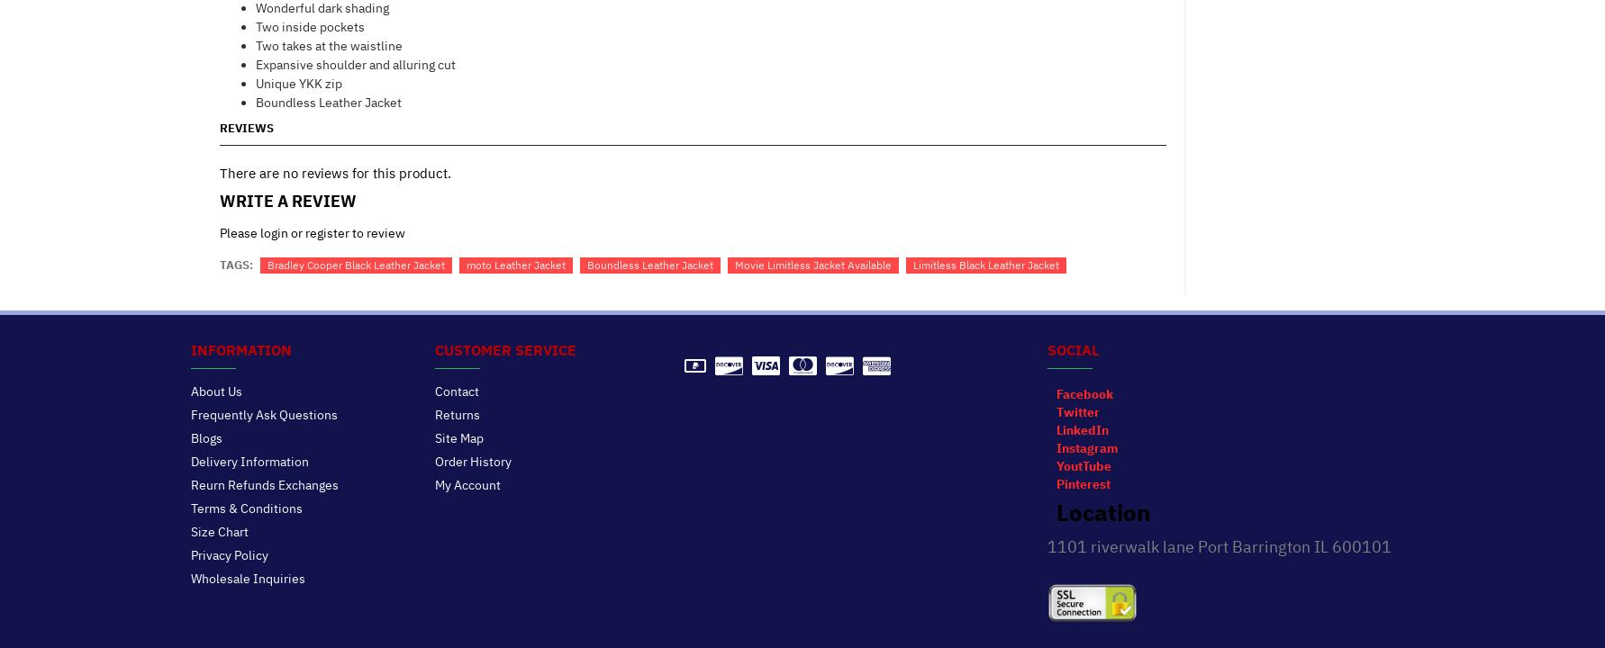  What do you see at coordinates (472, 459) in the screenshot?
I see `'Order History'` at bounding box center [472, 459].